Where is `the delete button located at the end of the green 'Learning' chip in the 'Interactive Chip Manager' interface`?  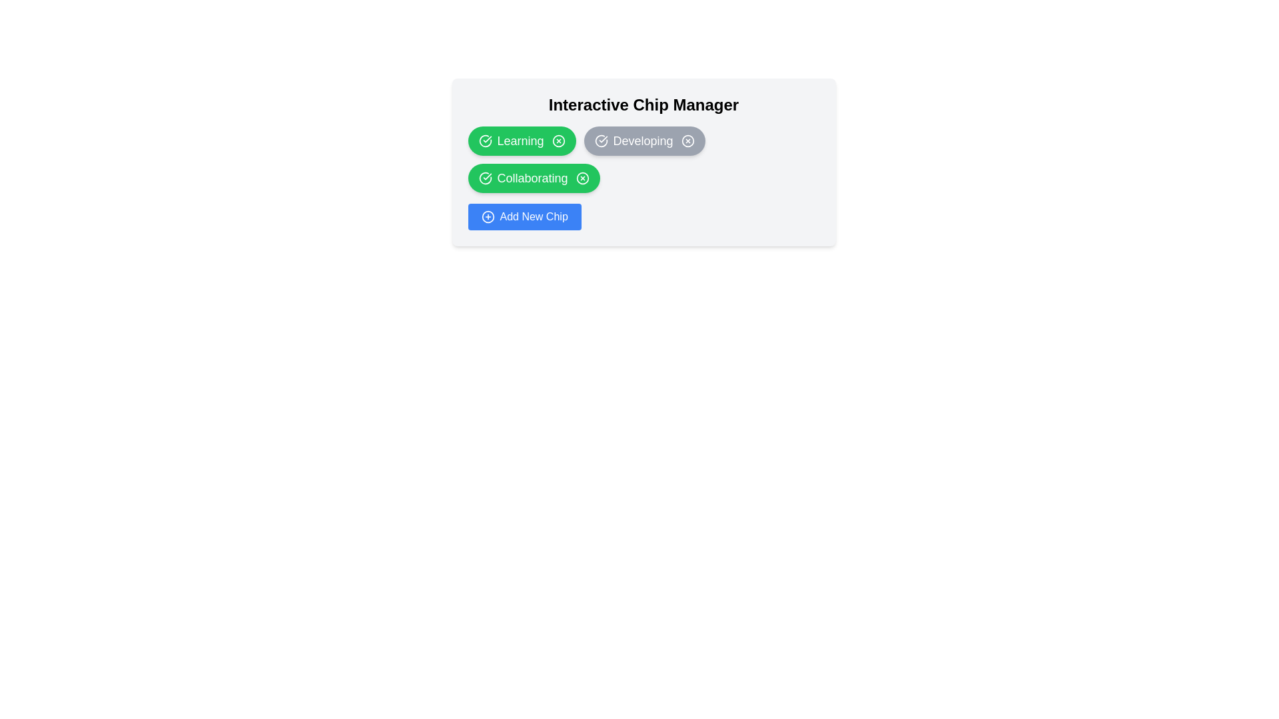 the delete button located at the end of the green 'Learning' chip in the 'Interactive Chip Manager' interface is located at coordinates (558, 141).